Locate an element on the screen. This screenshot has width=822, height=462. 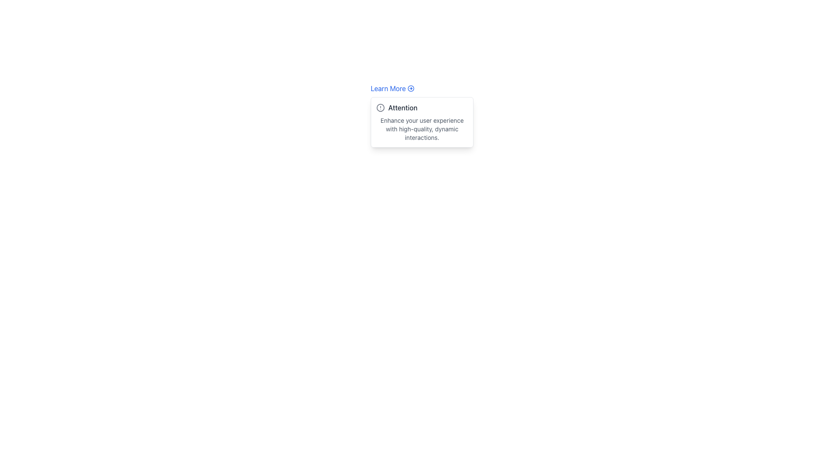
the circular alert icon located to the left of the 'Attention' label is located at coordinates (380, 107).